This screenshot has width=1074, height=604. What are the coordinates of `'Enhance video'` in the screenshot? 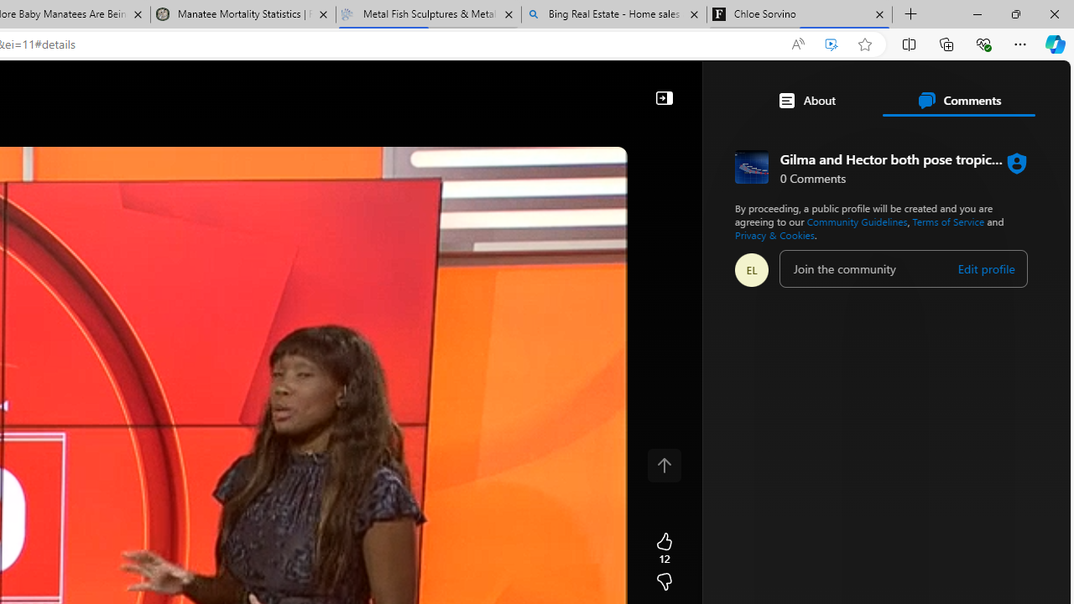 It's located at (832, 44).